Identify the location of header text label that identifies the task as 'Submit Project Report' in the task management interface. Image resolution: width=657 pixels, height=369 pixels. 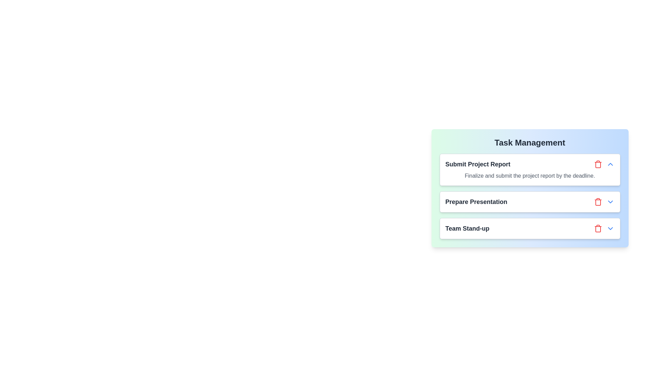
(477, 164).